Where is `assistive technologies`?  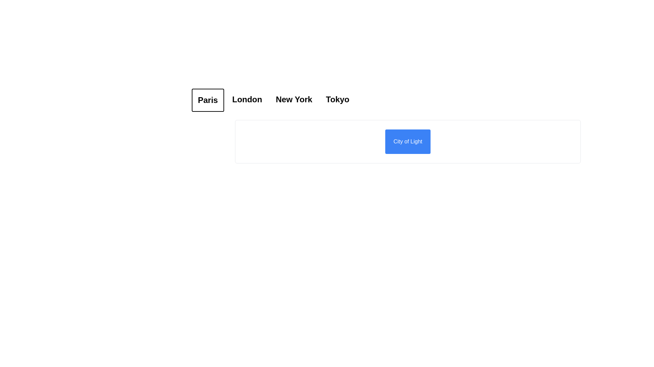 assistive technologies is located at coordinates (294, 100).